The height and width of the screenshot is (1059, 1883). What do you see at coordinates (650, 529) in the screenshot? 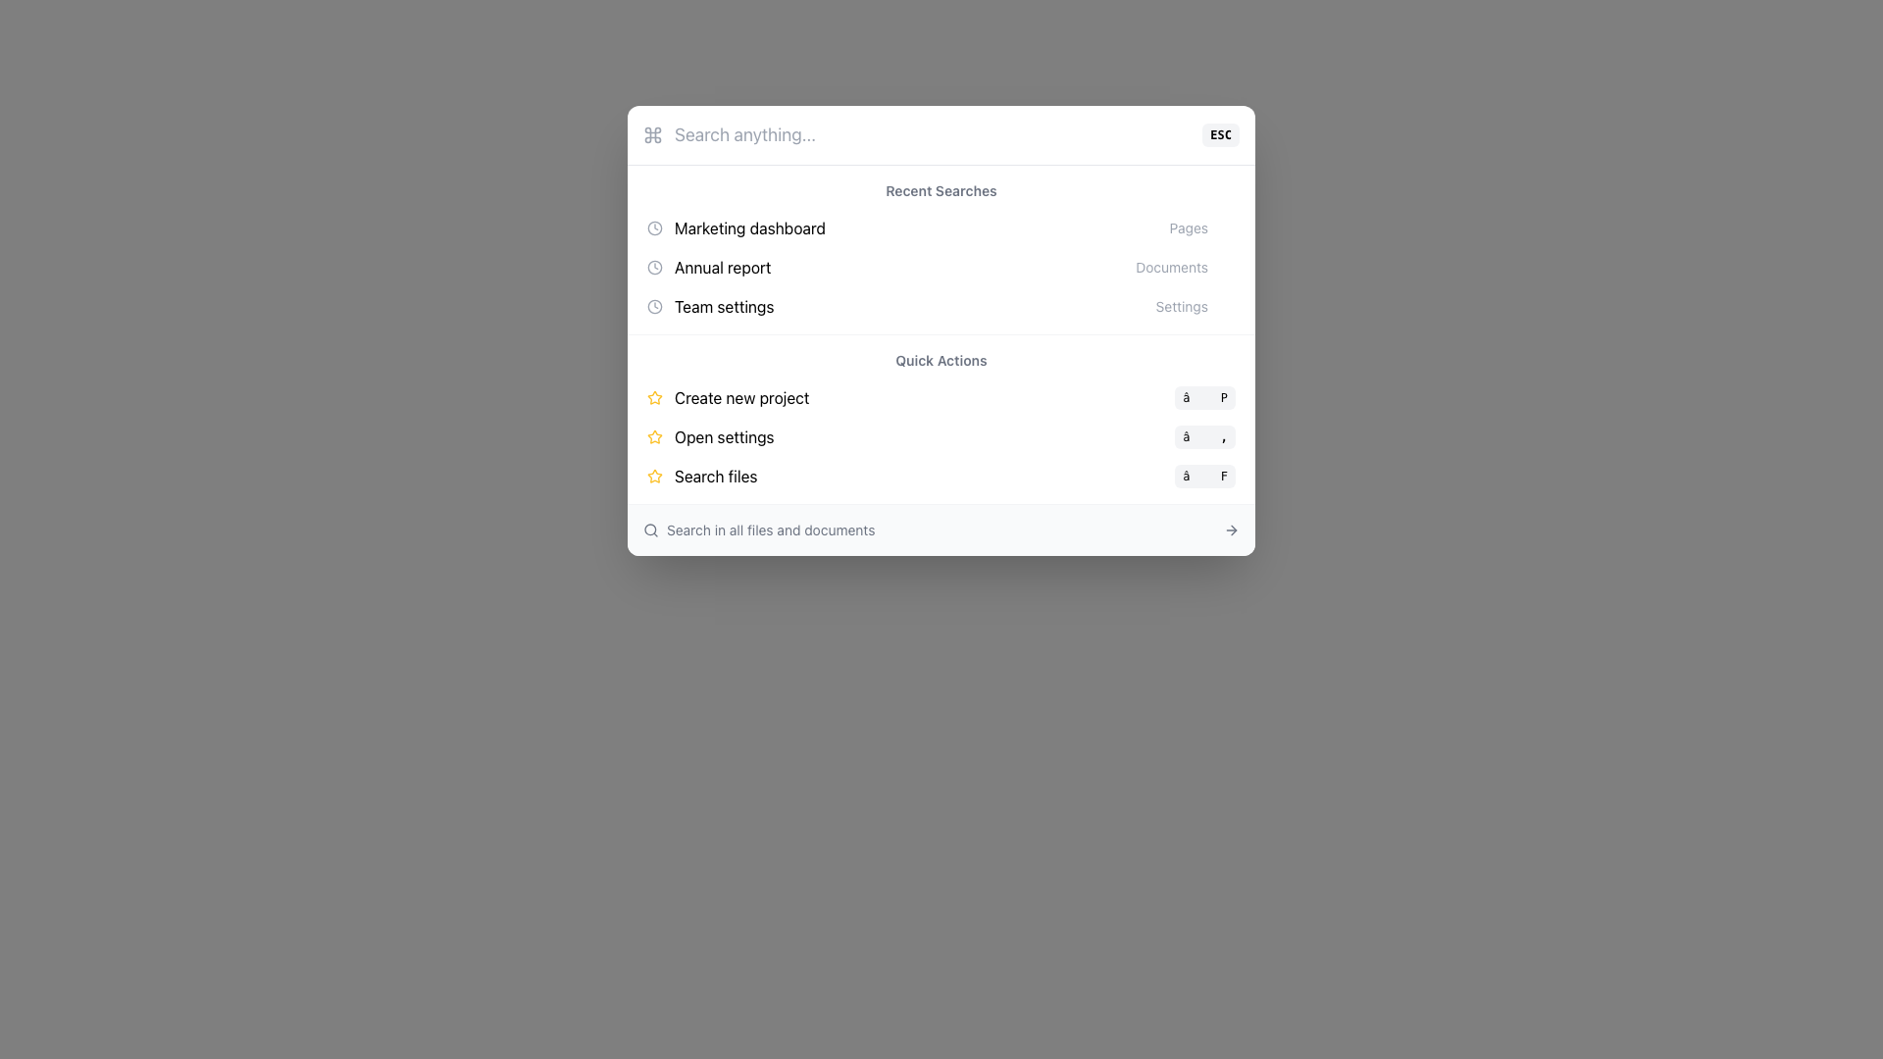
I see `the search icon located at the bottom-left corner of the interactive popup panel, adjacent to the text 'Search in all files and documents.'` at bounding box center [650, 529].